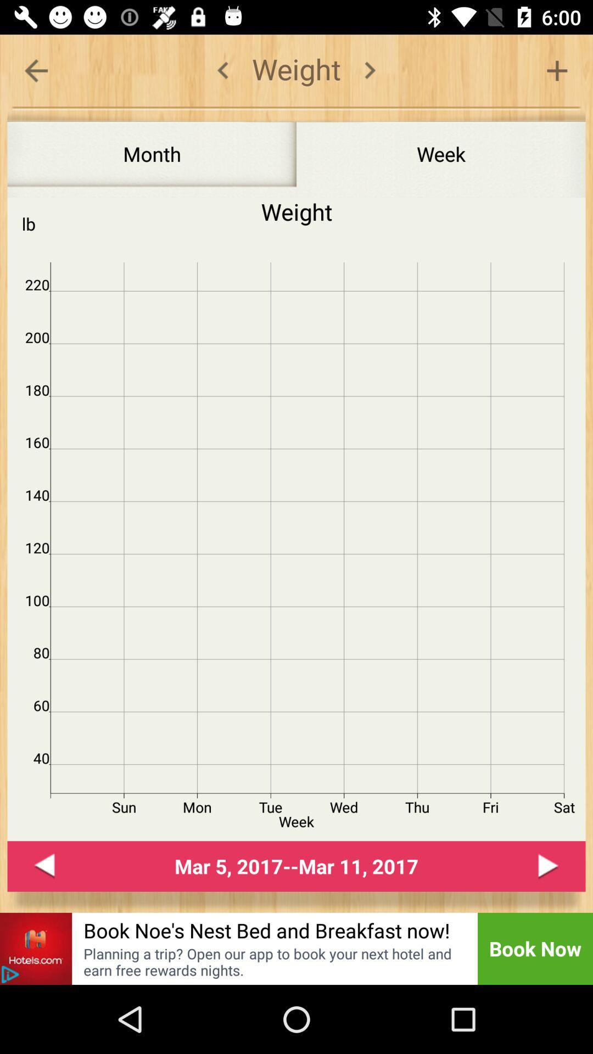  I want to click on period tracker period calendar ovulation tracker, so click(370, 70).